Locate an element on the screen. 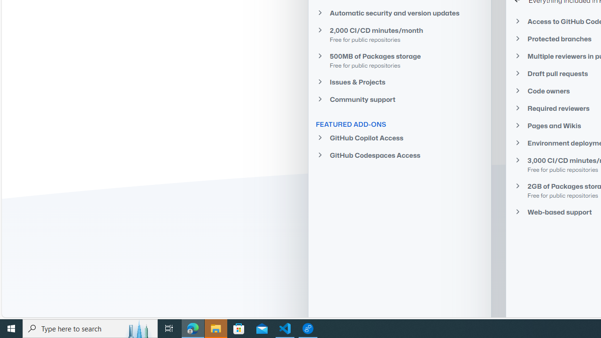 This screenshot has height=338, width=601. '500MB of Packages storageFree for public repositories' is located at coordinates (400, 60).